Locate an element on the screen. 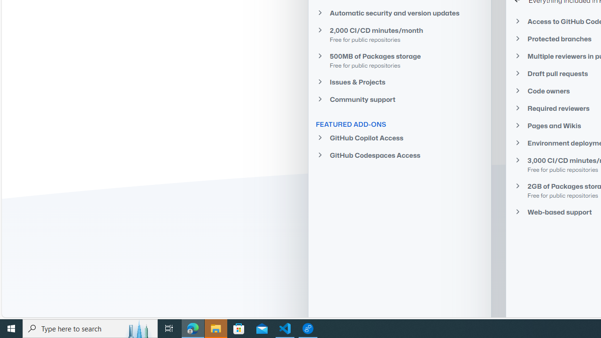 This screenshot has height=338, width=601. '500MB of Packages storageFree for public repositories' is located at coordinates (400, 60).